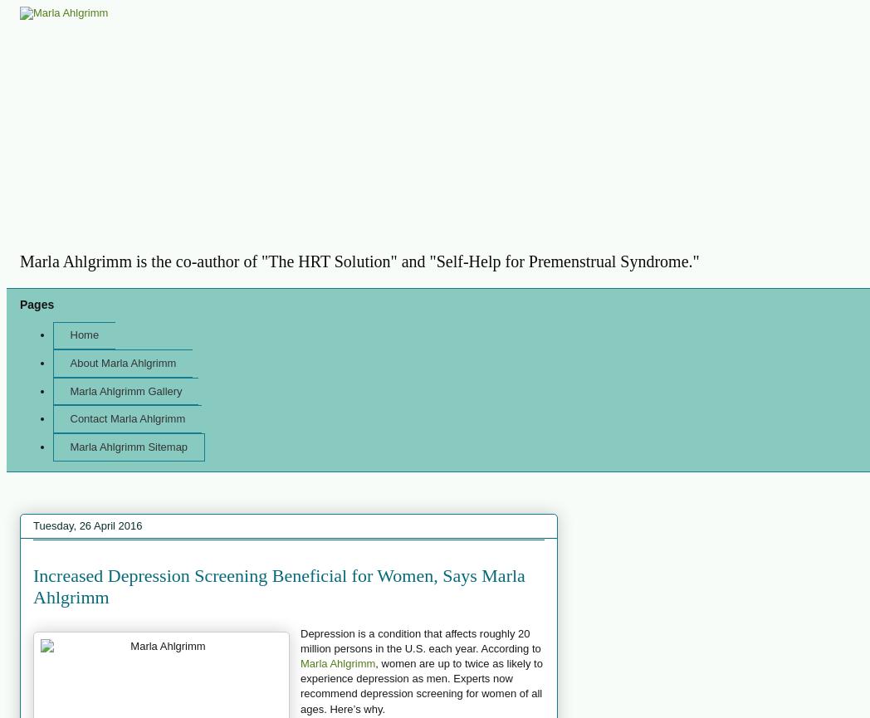 This screenshot has height=718, width=870. Describe the element at coordinates (338, 662) in the screenshot. I see `'Marla Ahlgrimm'` at that location.